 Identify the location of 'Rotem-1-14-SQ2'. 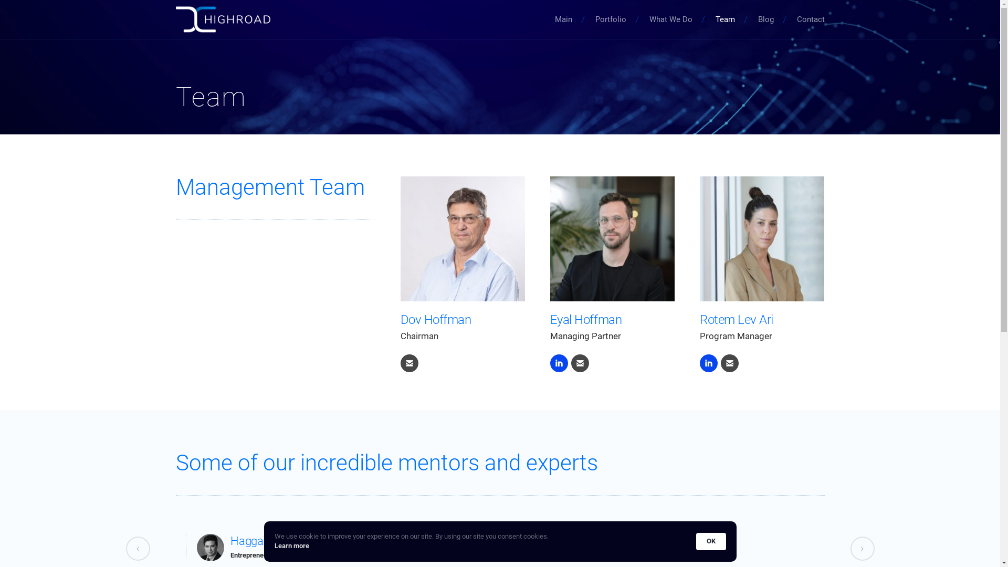
(762, 238).